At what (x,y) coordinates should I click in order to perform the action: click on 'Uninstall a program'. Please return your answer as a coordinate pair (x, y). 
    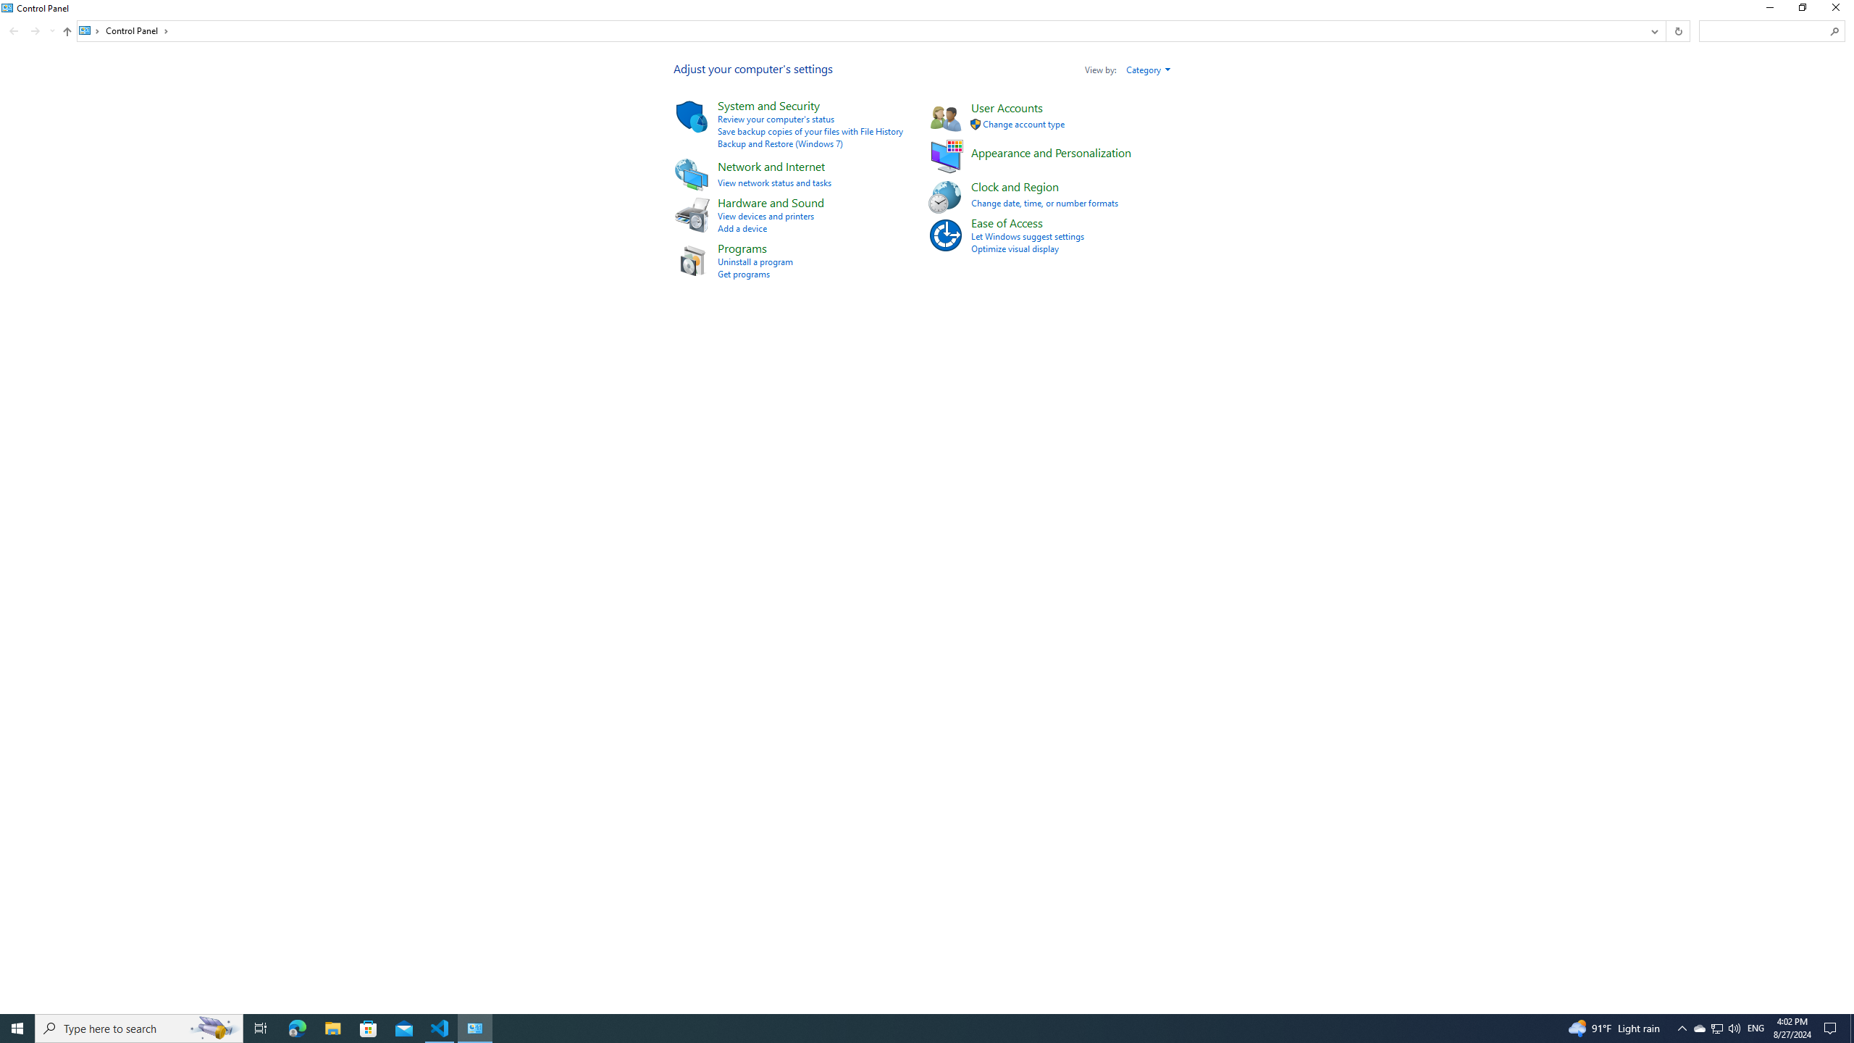
    Looking at the image, I should click on (755, 261).